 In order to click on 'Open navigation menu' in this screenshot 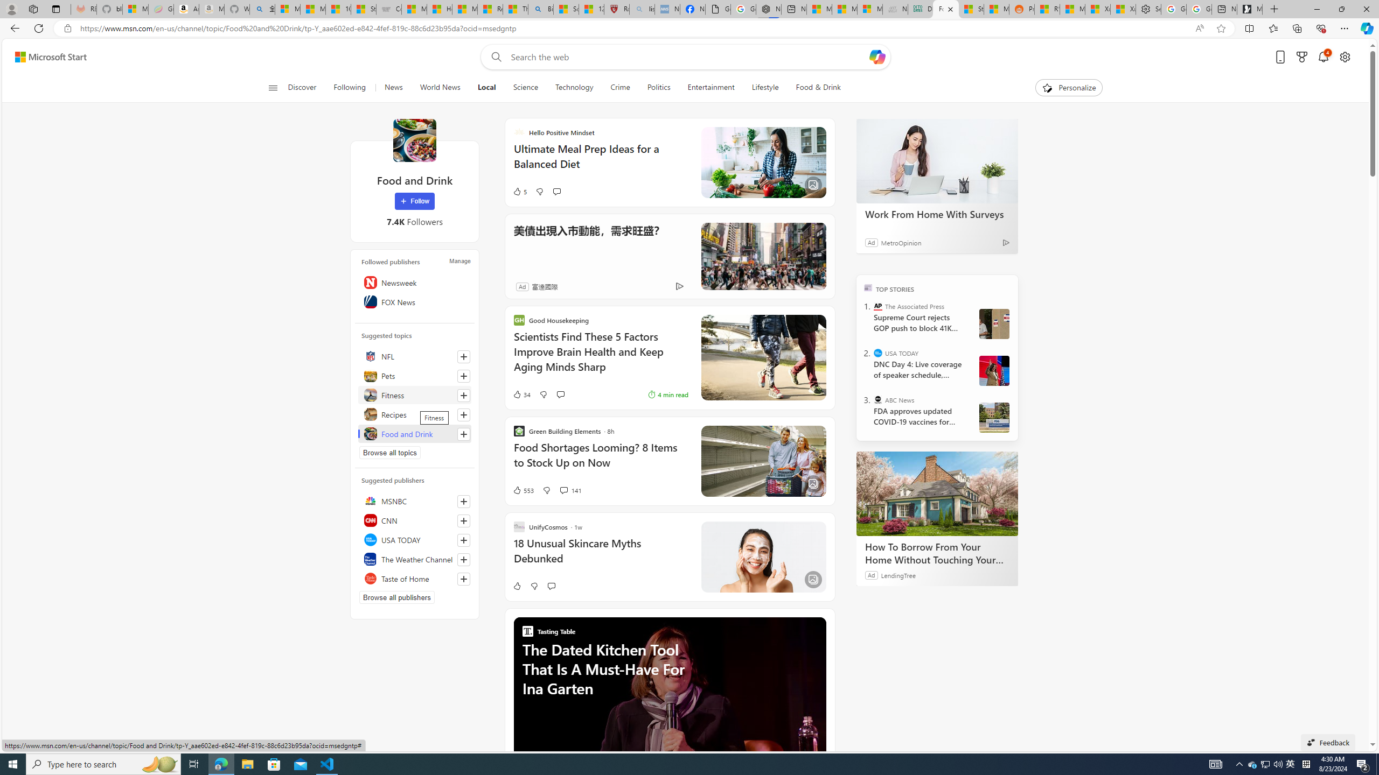, I will do `click(272, 87)`.